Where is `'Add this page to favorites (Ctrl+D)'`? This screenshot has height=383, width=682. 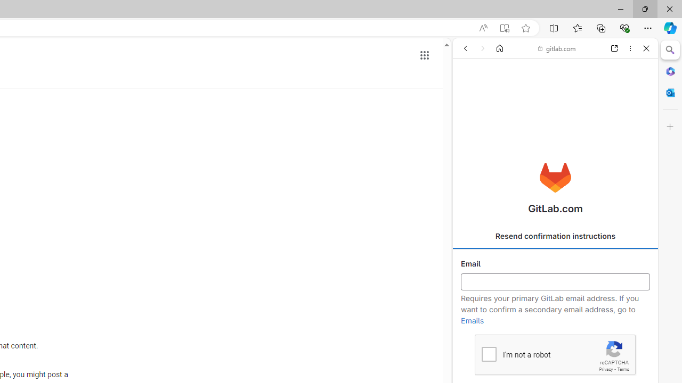 'Add this page to favorites (Ctrl+D)' is located at coordinates (525, 28).